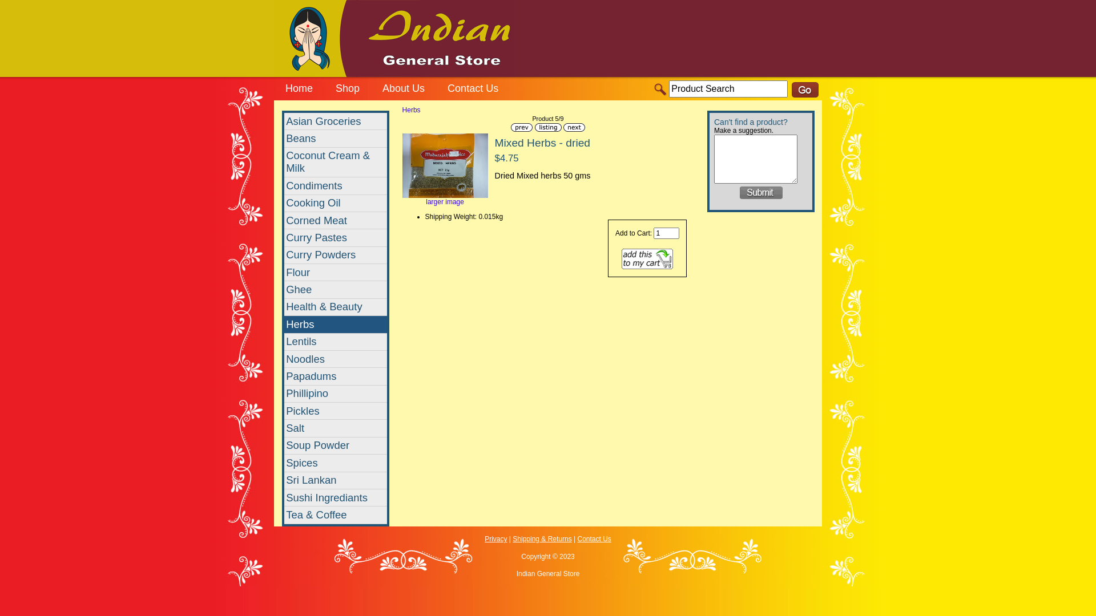 The image size is (1096, 616). What do you see at coordinates (563, 127) in the screenshot?
I see `' Next '` at bounding box center [563, 127].